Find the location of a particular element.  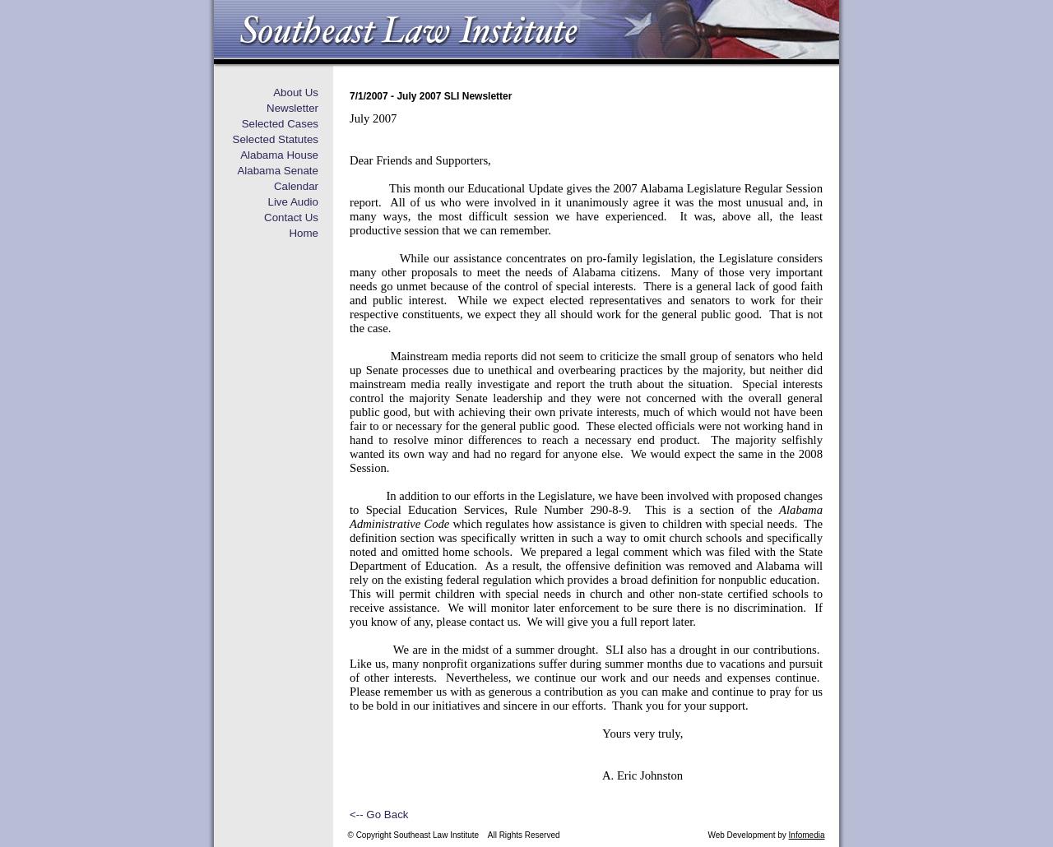

'This is a section of the' is located at coordinates (712, 508).